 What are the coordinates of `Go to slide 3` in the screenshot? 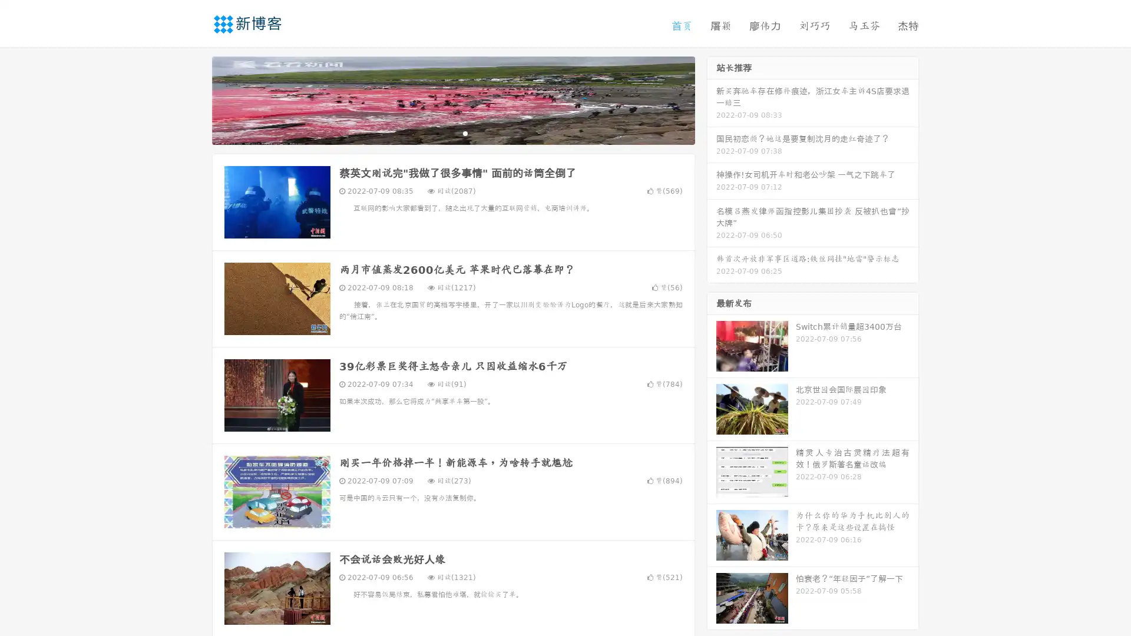 It's located at (465, 132).